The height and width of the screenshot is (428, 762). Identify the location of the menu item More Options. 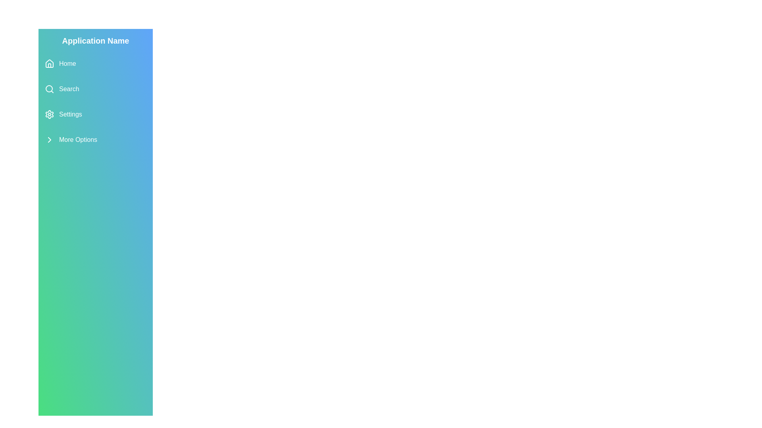
(95, 139).